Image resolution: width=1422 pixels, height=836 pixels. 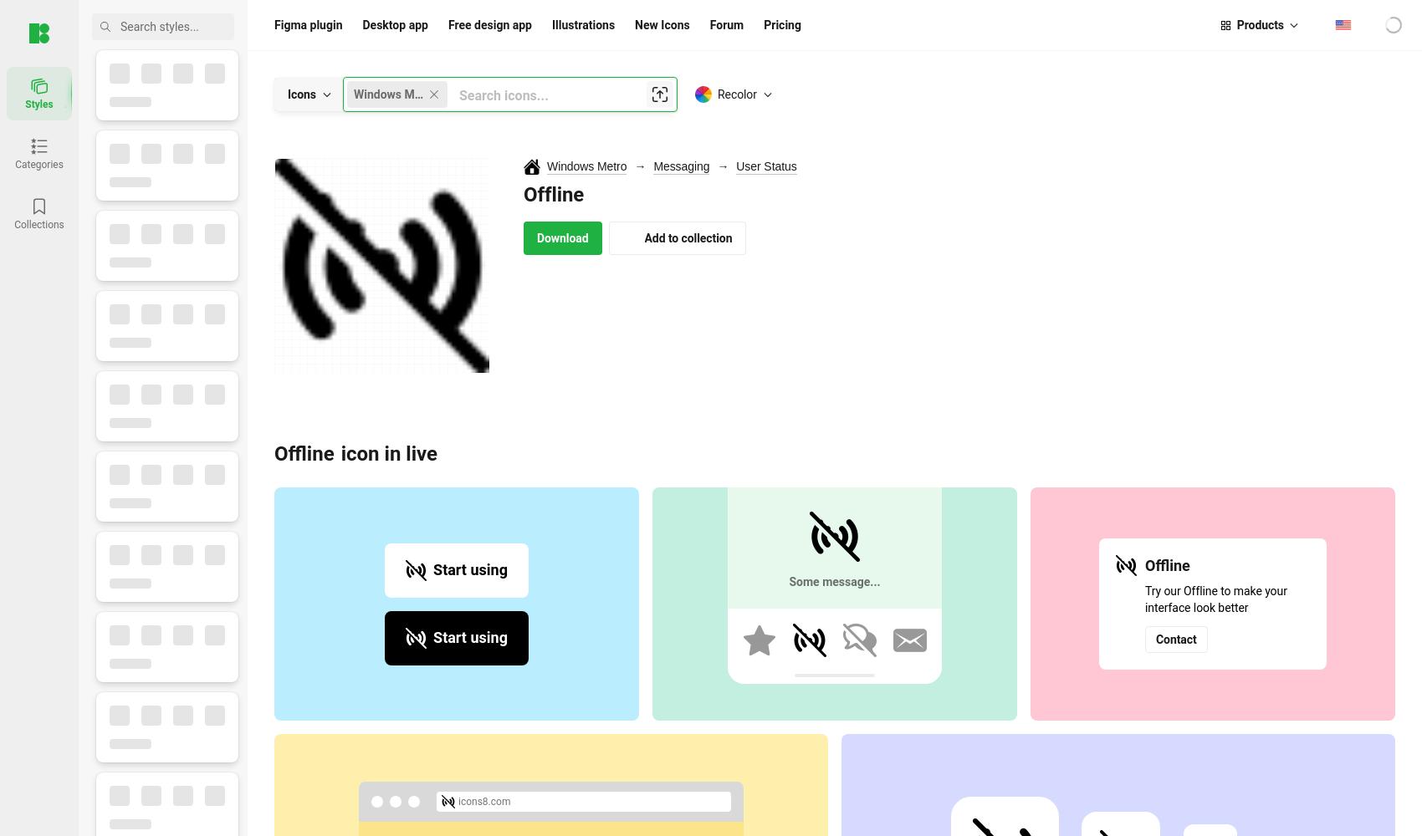 I want to click on 'Products', so click(x=1235, y=25).